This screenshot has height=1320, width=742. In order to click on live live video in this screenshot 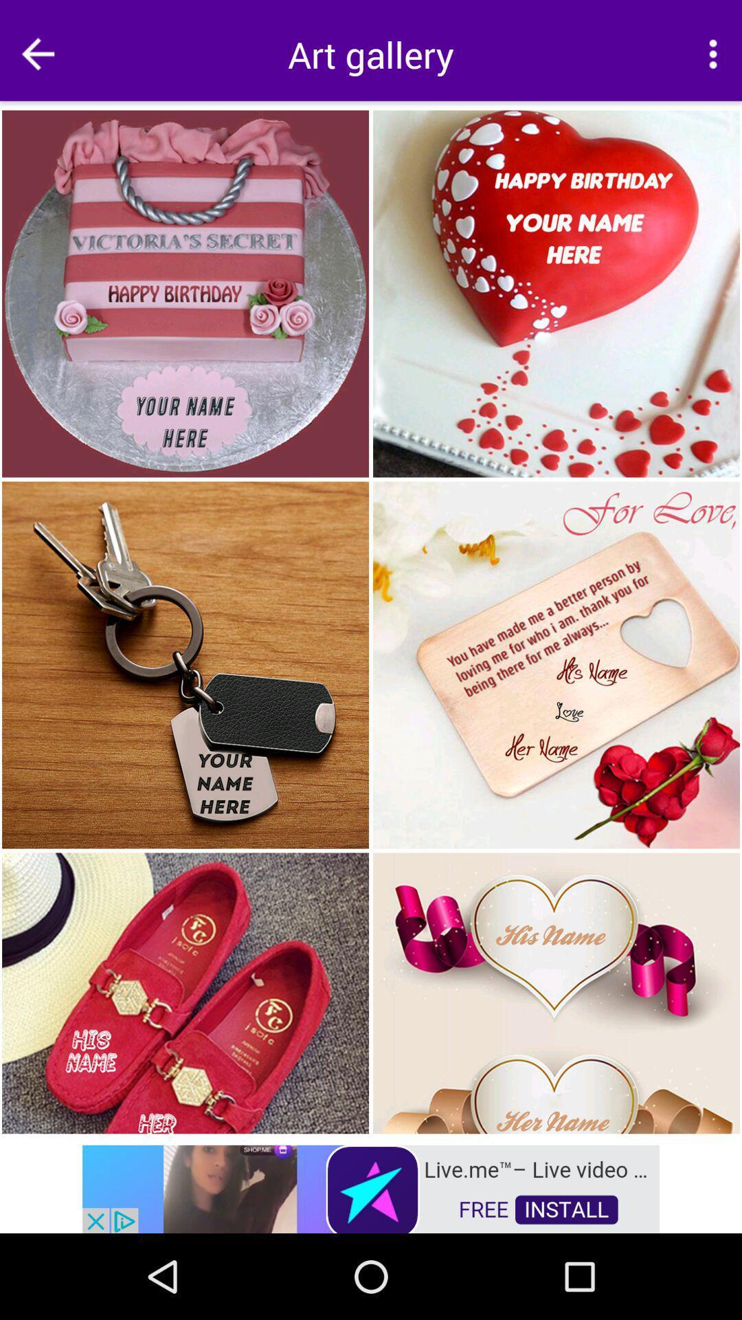, I will do `click(371, 1187)`.